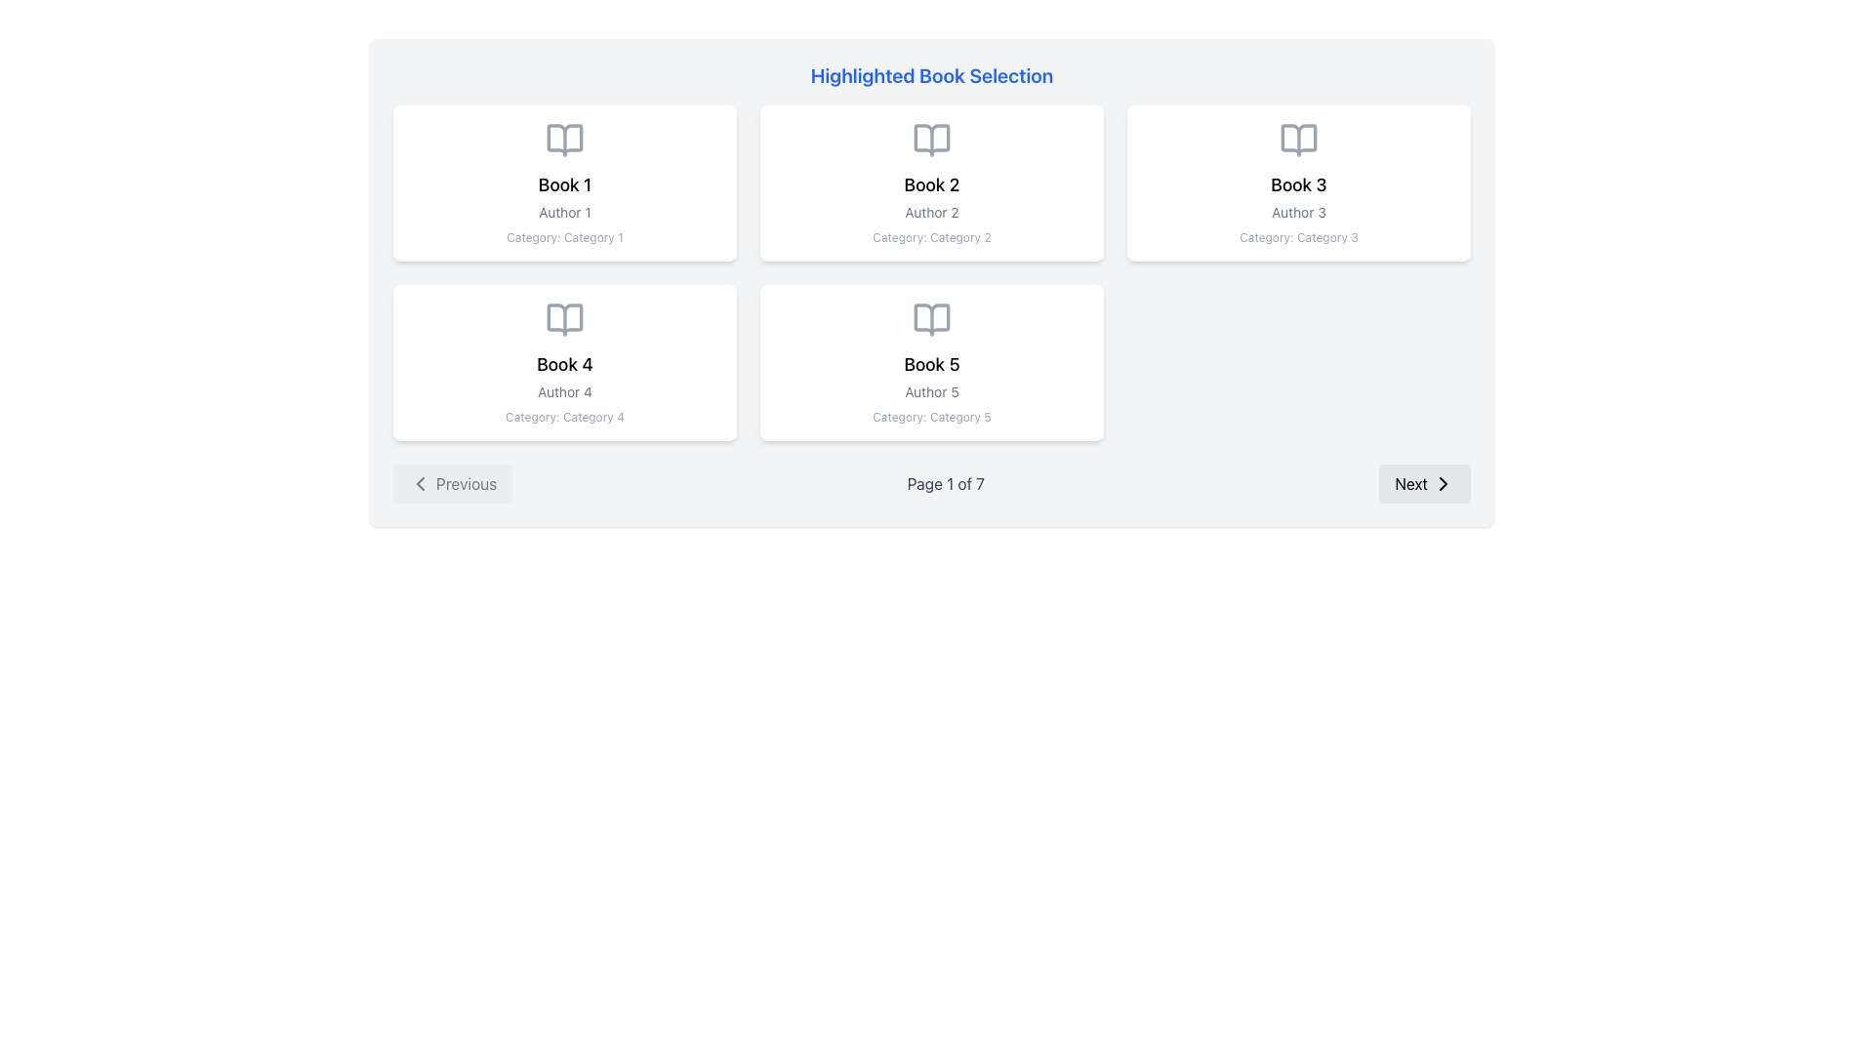  What do you see at coordinates (1298, 139) in the screenshot?
I see `the decorative book icon located at the top-center of the card labeled 'Book 3, Author 3, Category: Category 3', situated above the text 'Book 3'` at bounding box center [1298, 139].